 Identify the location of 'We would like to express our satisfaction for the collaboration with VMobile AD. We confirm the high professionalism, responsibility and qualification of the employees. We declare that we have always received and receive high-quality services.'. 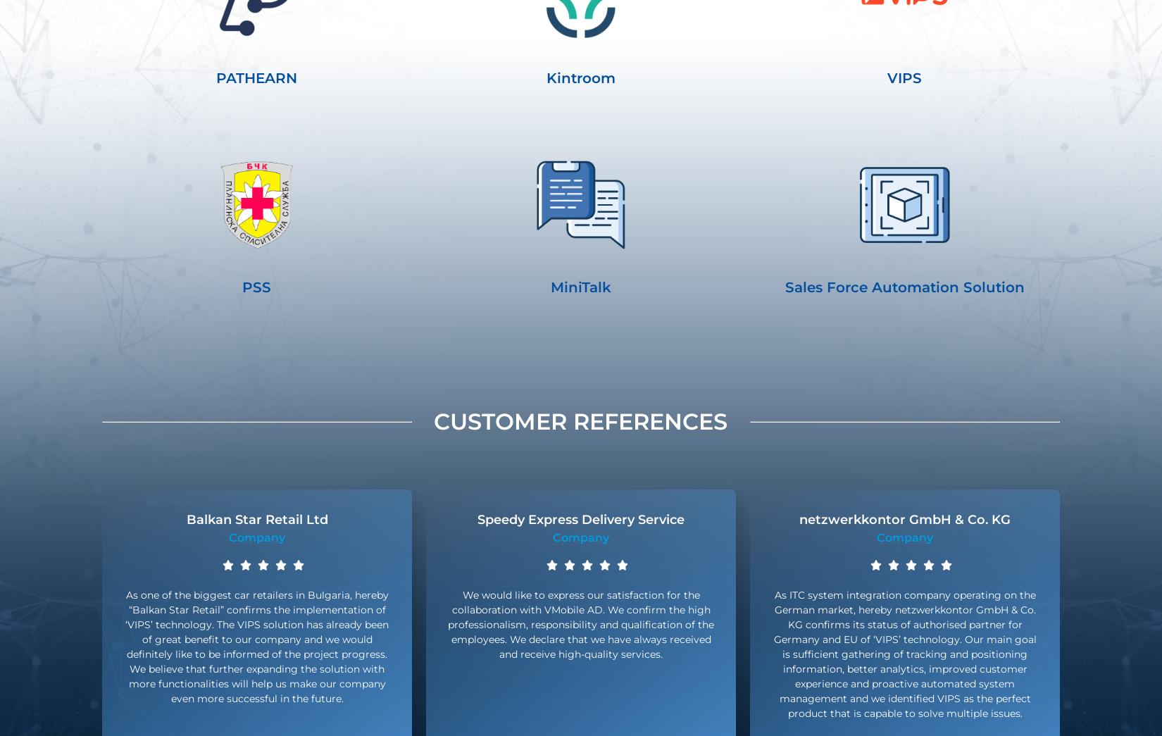
(581, 624).